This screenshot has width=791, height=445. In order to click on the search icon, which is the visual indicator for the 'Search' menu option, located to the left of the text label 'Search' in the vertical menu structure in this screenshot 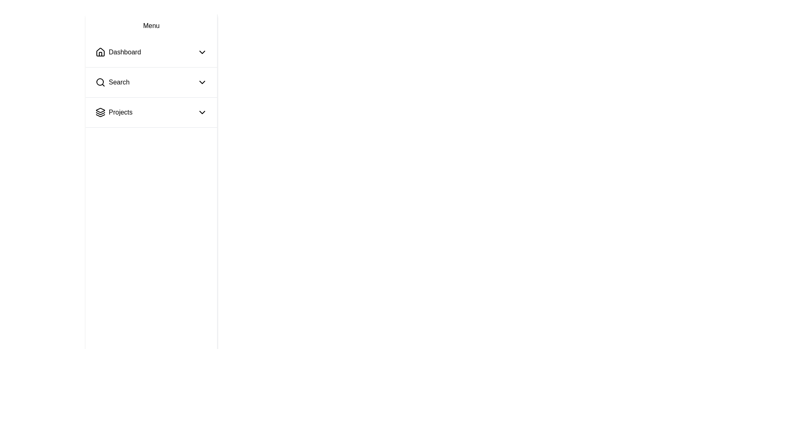, I will do `click(100, 82)`.